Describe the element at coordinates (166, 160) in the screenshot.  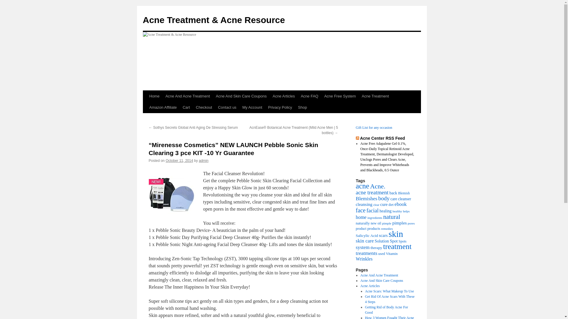
I see `'October 11, 2014'` at that location.